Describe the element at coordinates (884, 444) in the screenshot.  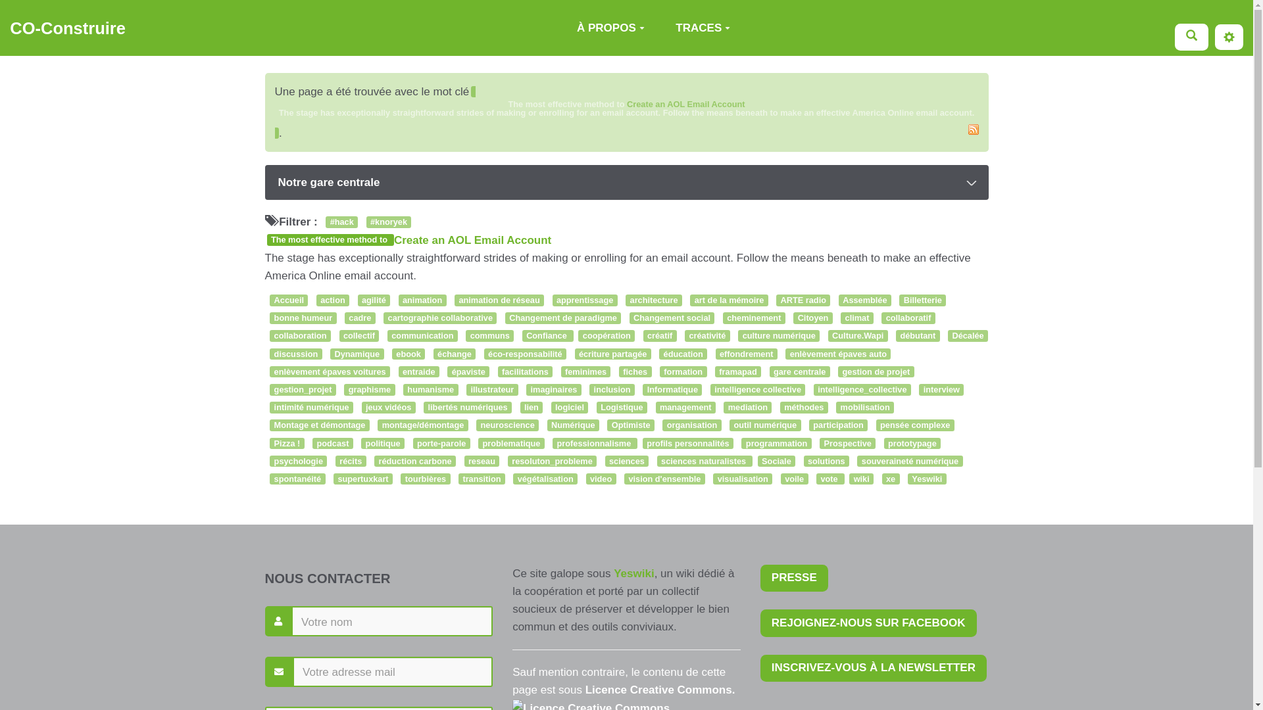
I see `'prototypage'` at that location.